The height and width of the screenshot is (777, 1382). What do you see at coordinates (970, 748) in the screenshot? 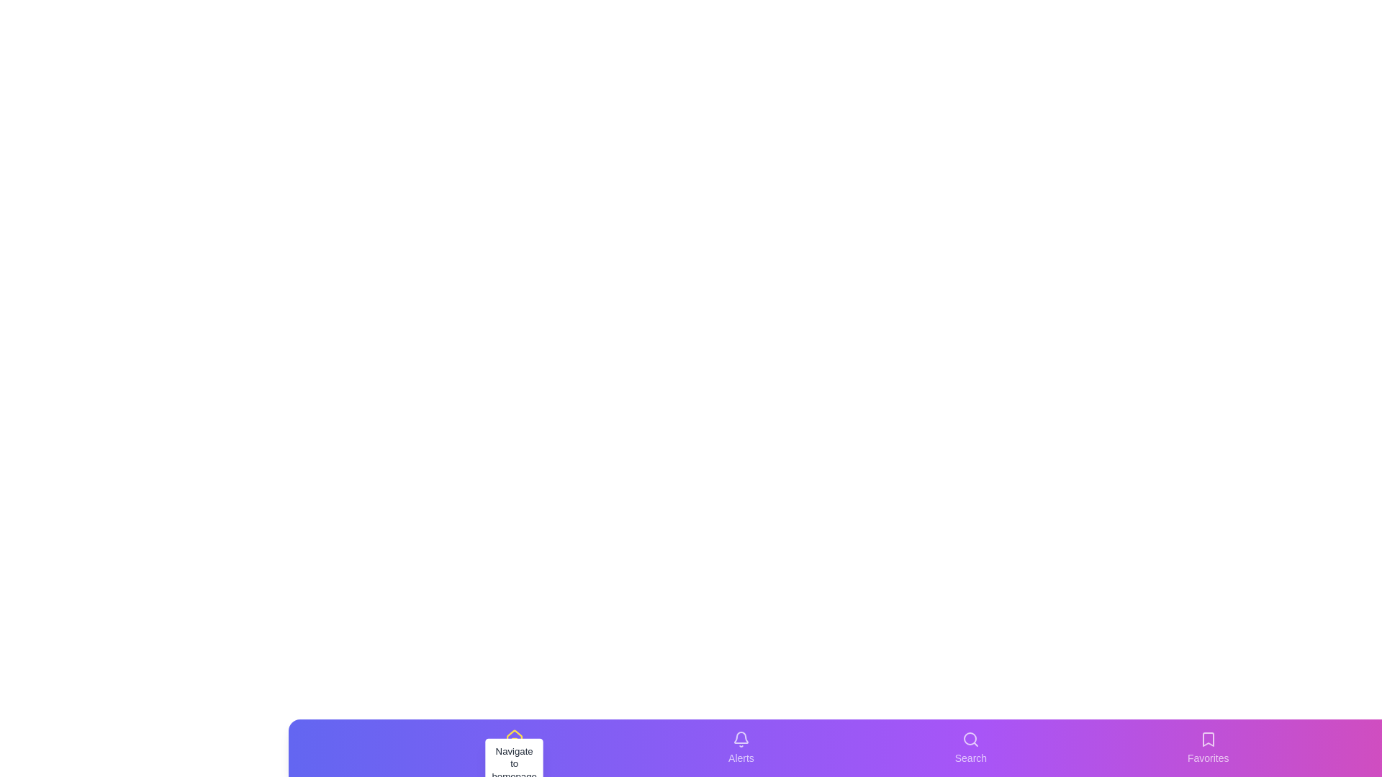
I see `the tab labeled Search in the bottom navigation bar` at bounding box center [970, 748].